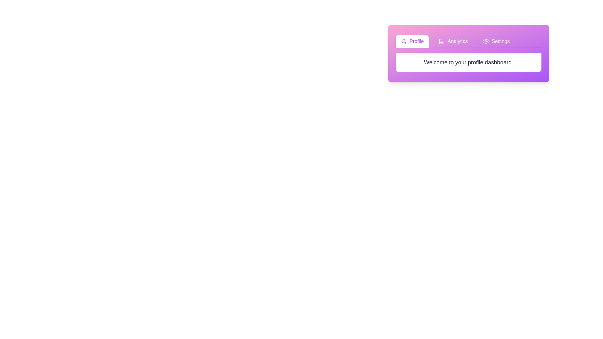 This screenshot has height=339, width=603. Describe the element at coordinates (453, 41) in the screenshot. I see `the Analytics tab by clicking on its button` at that location.